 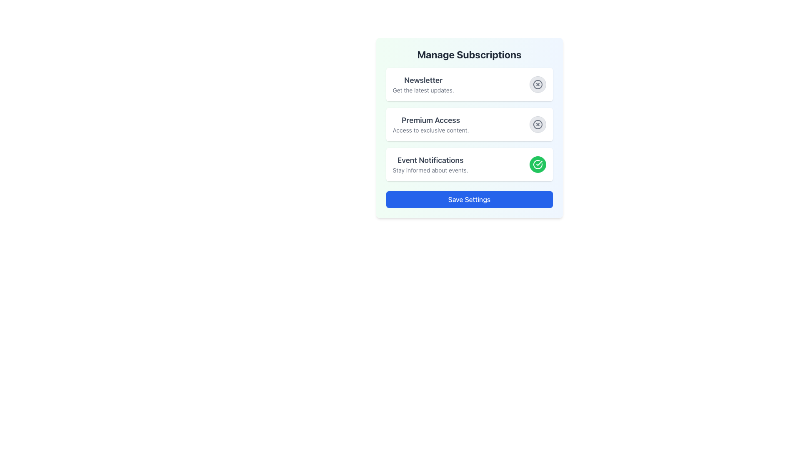 I want to click on the circular graphical icon component with a gray outline and white-filled center, located under the 'Premium Access' label in the second item of a vertically stacked list, so click(x=537, y=125).